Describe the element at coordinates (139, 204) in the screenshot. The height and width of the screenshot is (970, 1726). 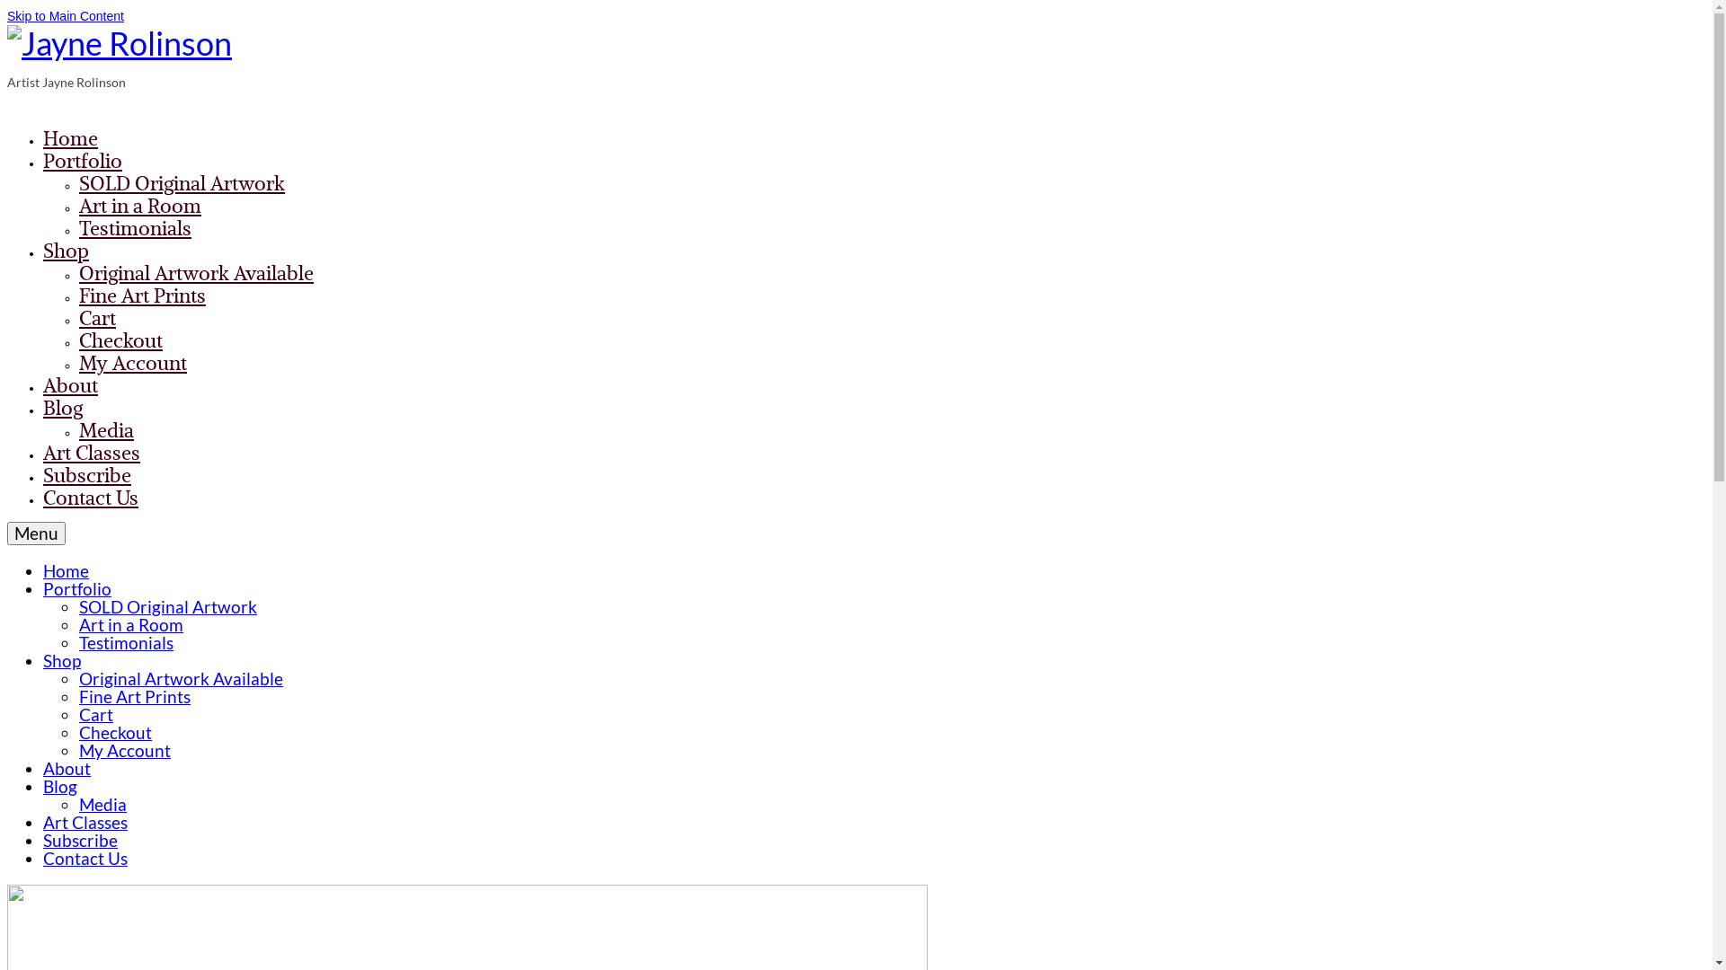
I see `'Art in a Room'` at that location.